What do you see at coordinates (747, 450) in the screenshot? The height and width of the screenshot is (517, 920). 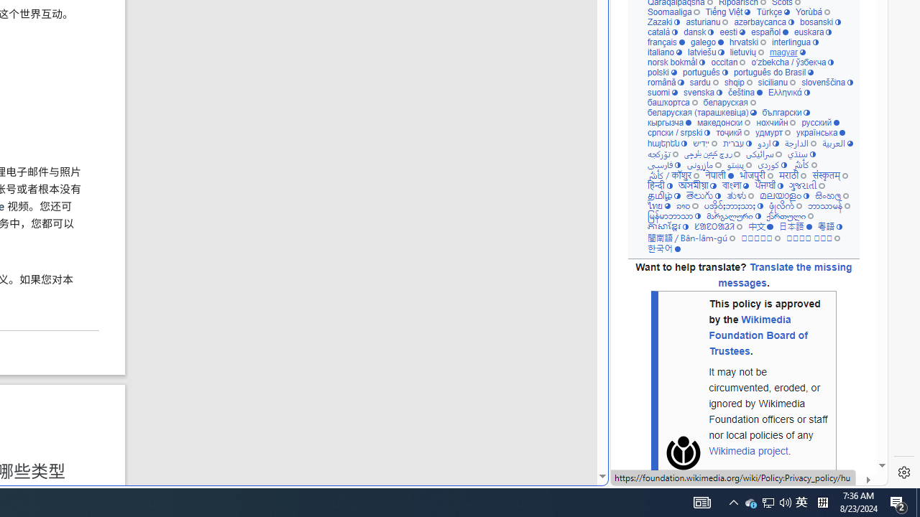 I see `'Wikimedia project'` at bounding box center [747, 450].